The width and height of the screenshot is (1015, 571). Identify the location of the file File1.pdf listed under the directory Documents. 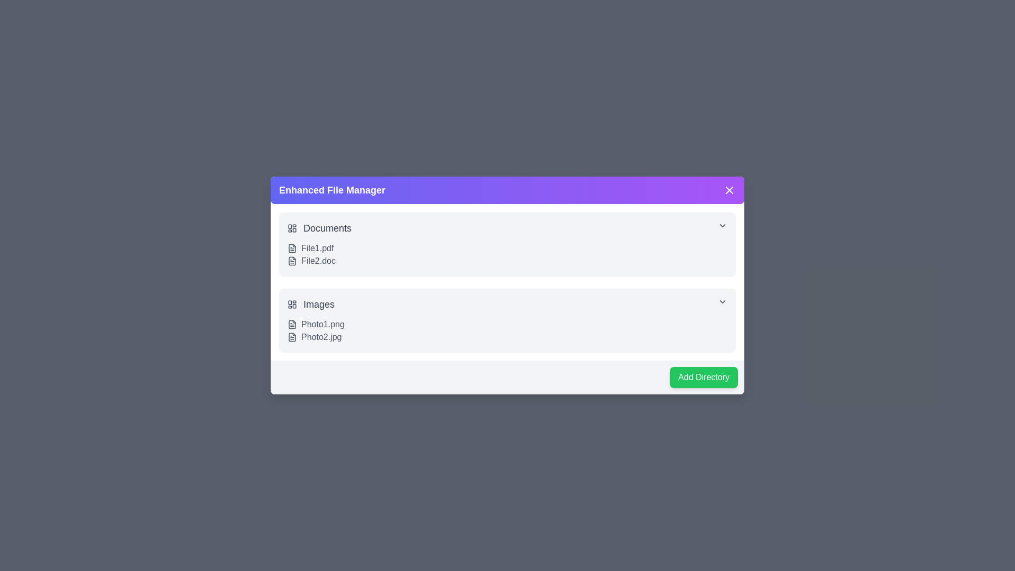
(292, 248).